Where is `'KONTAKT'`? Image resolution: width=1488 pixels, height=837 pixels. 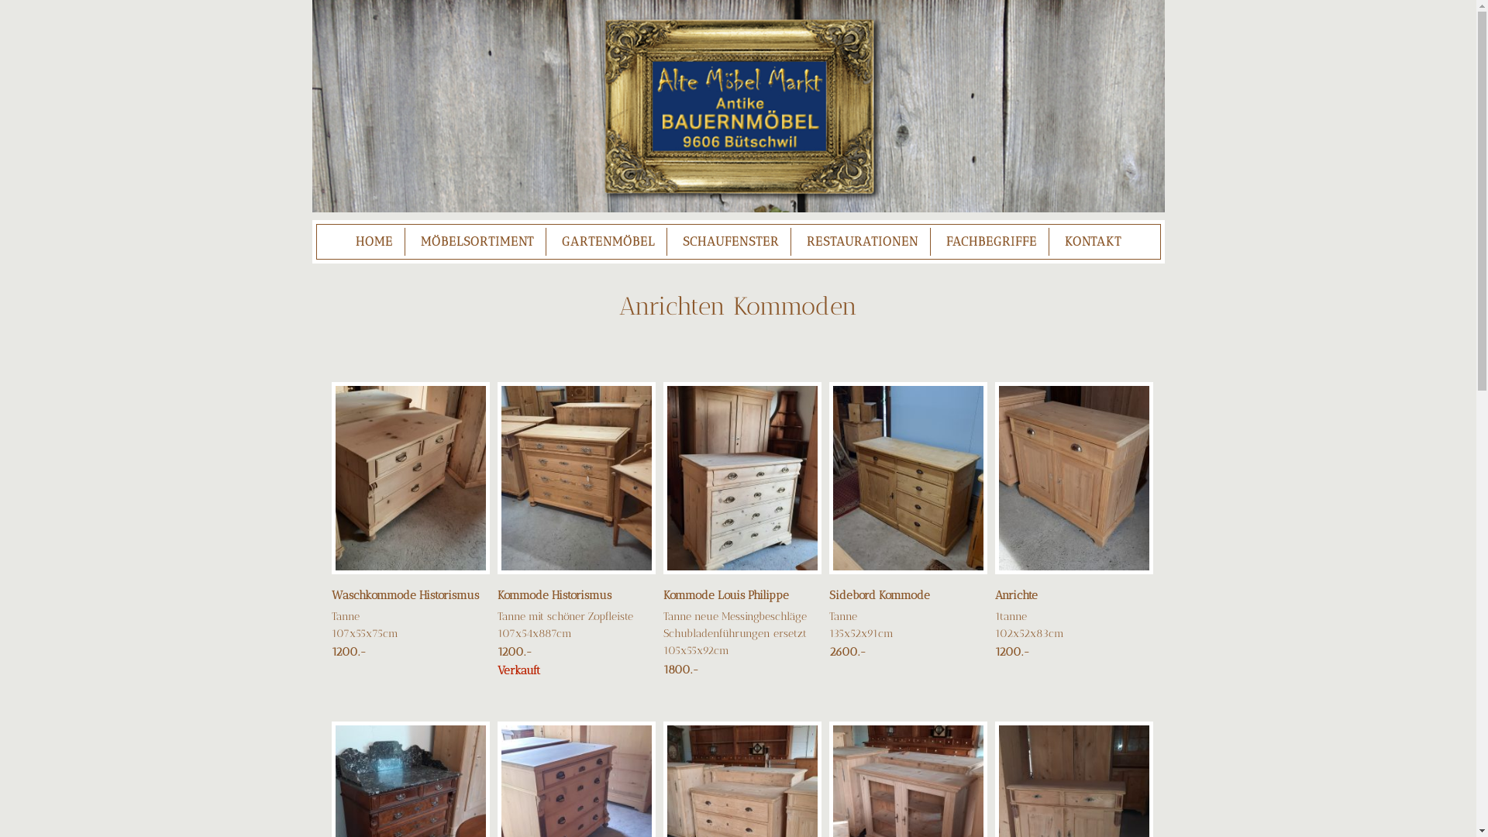 'KONTAKT' is located at coordinates (1091, 242).